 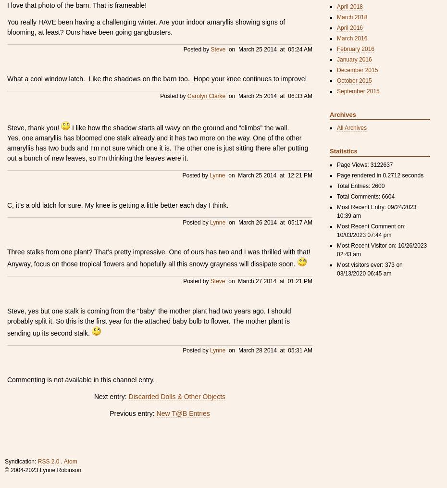 What do you see at coordinates (379, 174) in the screenshot?
I see `'Page rendered in 0.2712 seconds'` at bounding box center [379, 174].